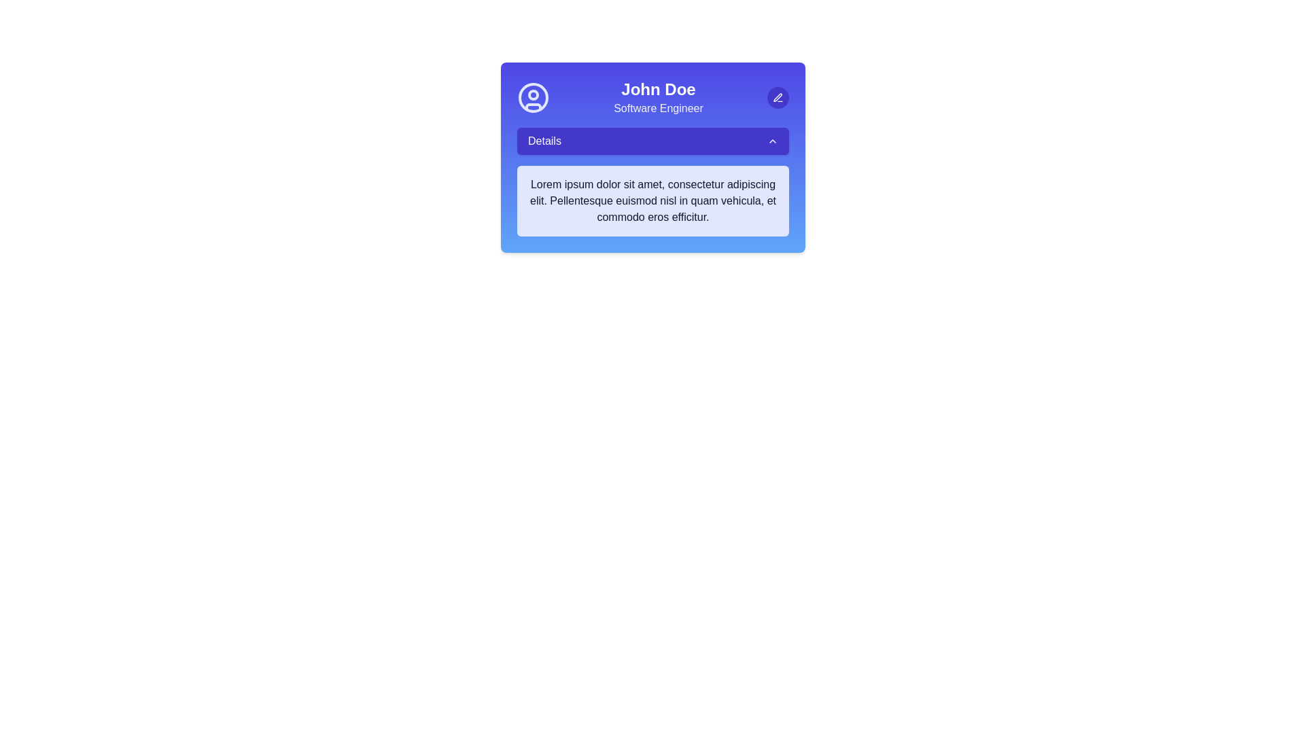 This screenshot has width=1305, height=734. Describe the element at coordinates (533, 97) in the screenshot. I see `the user avatar or profile icon located at the top-left corner of the rectangular card layout containing 'John Doe' and 'Software Engineer'` at that location.